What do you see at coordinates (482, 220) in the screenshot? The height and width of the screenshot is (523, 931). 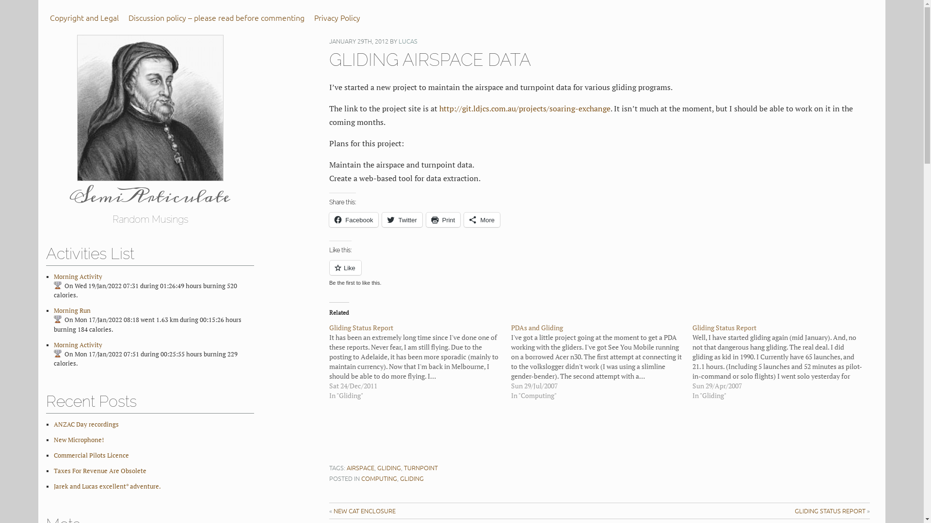 I see `'More'` at bounding box center [482, 220].